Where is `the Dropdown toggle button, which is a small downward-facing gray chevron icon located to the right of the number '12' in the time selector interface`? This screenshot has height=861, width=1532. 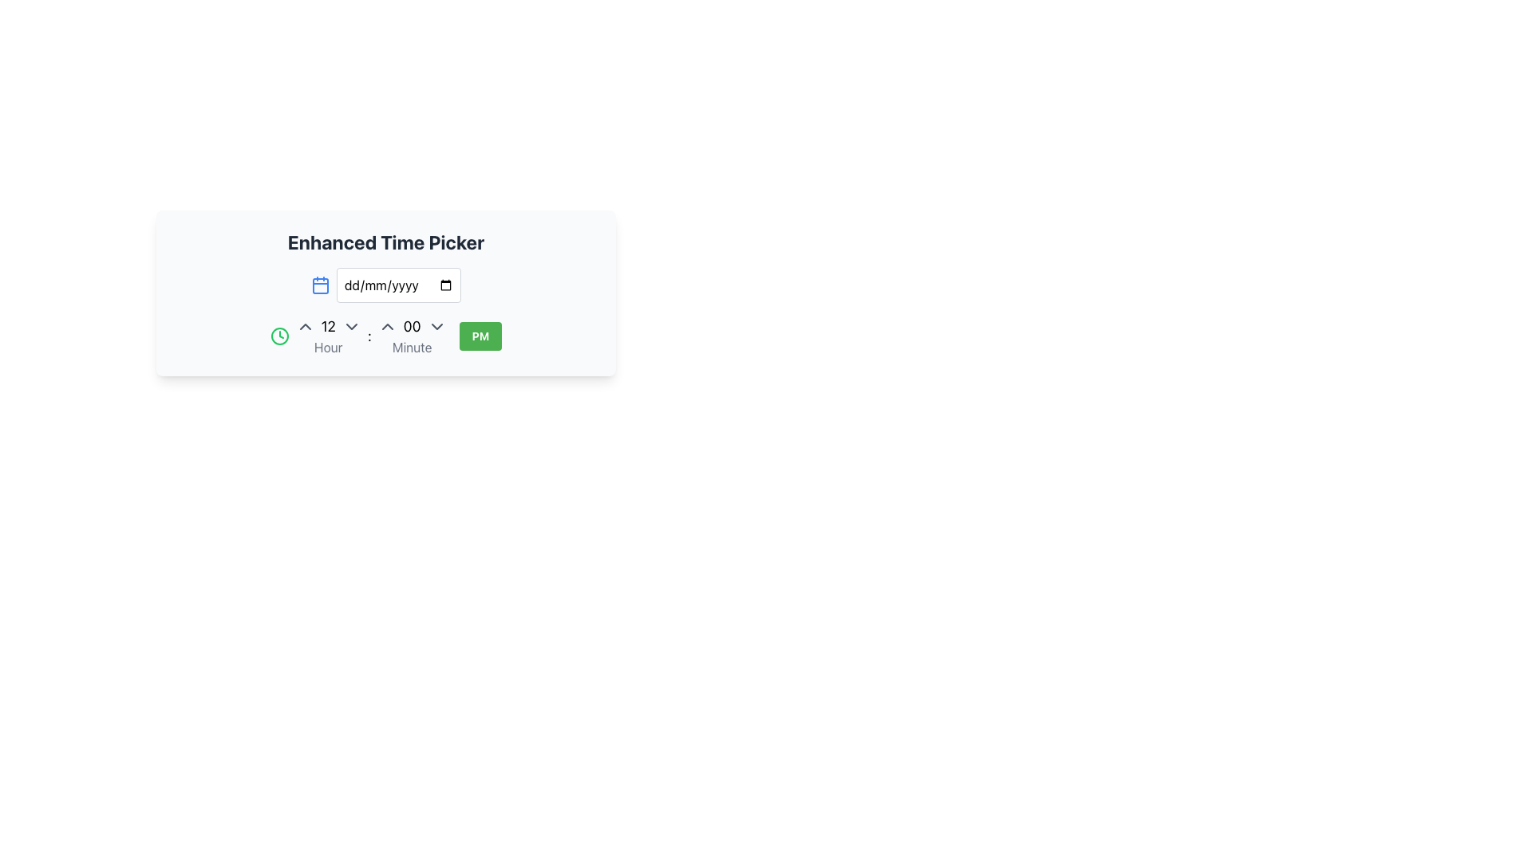 the Dropdown toggle button, which is a small downward-facing gray chevron icon located to the right of the number '12' in the time selector interface is located at coordinates (350, 325).